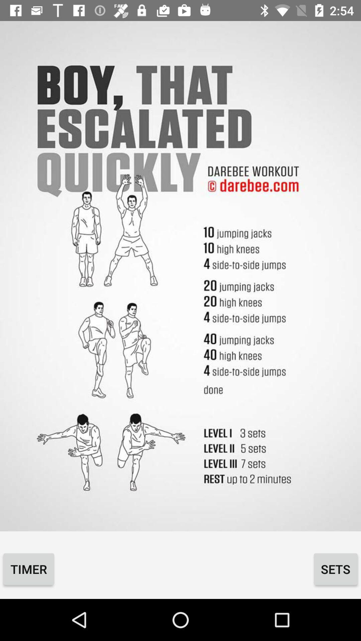 The height and width of the screenshot is (641, 361). What do you see at coordinates (28, 569) in the screenshot?
I see `item next to the sets icon` at bounding box center [28, 569].